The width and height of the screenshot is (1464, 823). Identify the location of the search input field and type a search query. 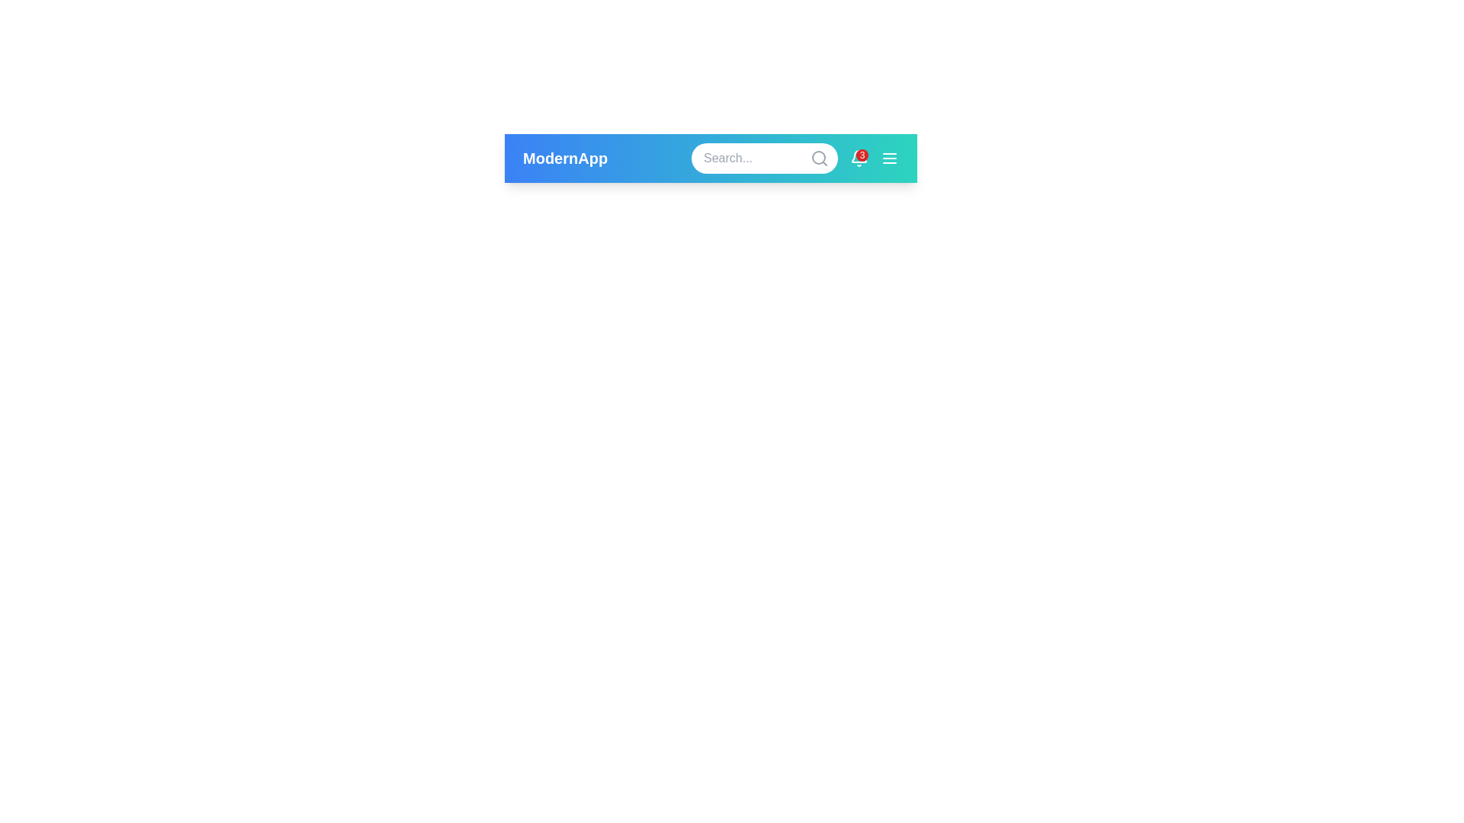
(765, 159).